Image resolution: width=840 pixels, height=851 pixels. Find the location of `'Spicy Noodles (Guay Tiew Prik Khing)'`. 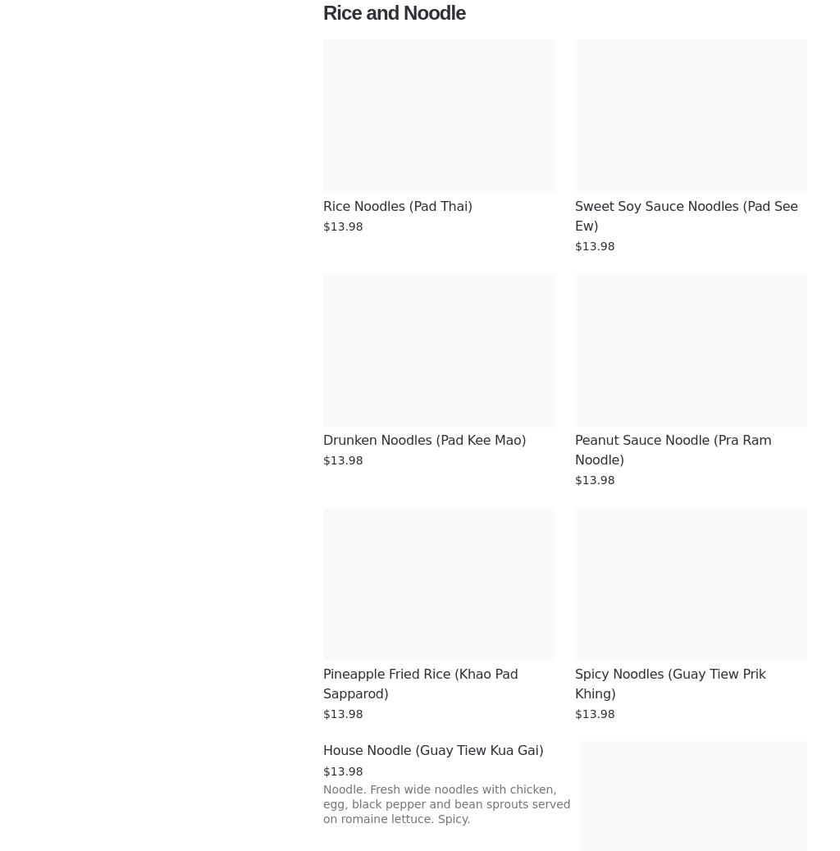

'Spicy Noodles (Guay Tiew Prik Khing)' is located at coordinates (671, 684).